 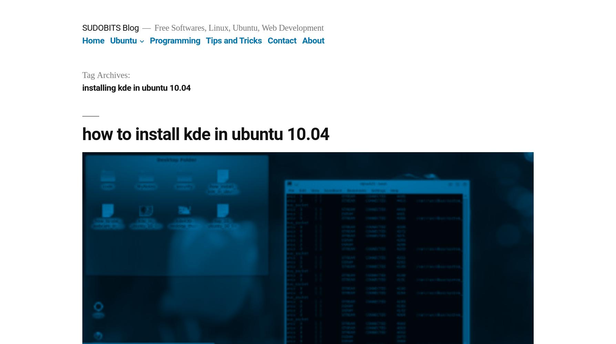 I want to click on 'Free Softwares, Linux, Ubuntu, Web Development', so click(x=237, y=28).